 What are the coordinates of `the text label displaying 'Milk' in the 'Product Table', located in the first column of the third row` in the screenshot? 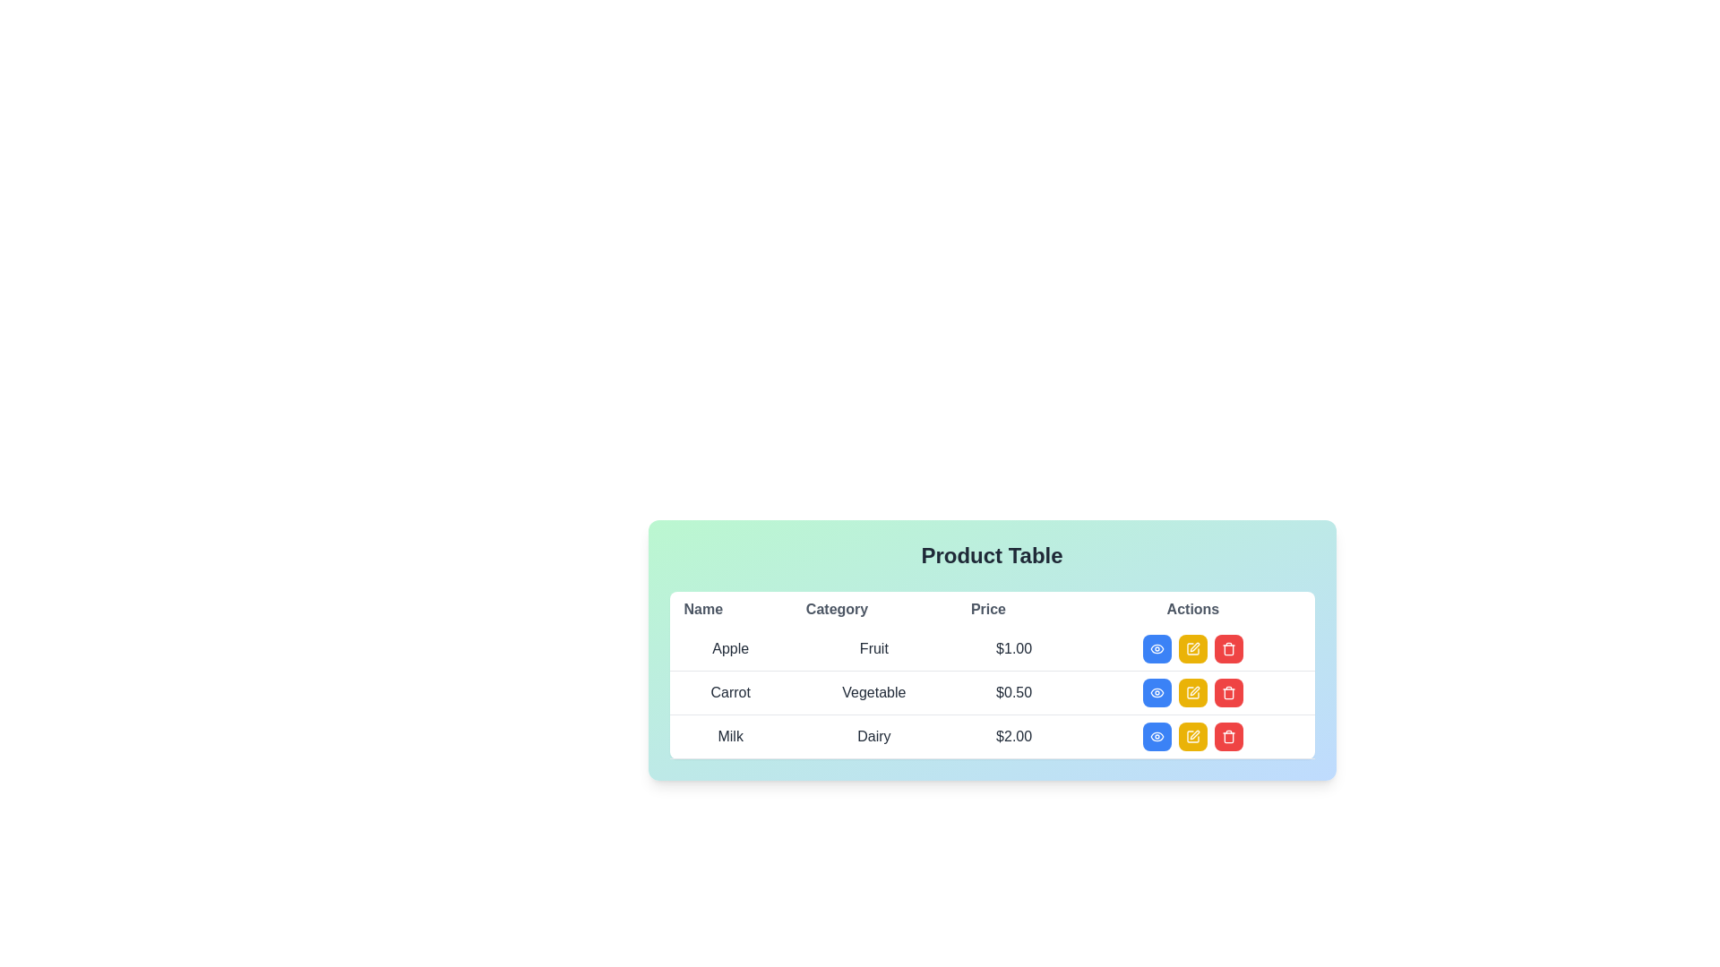 It's located at (730, 736).